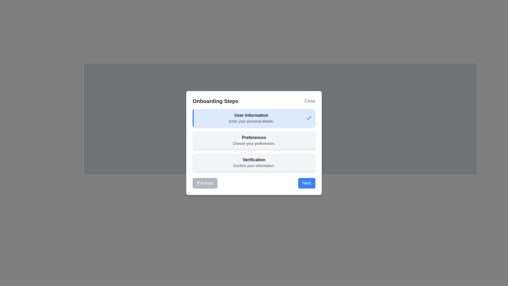 This screenshot has width=508, height=286. Describe the element at coordinates (309, 117) in the screenshot. I see `the completion icon that indicates the activation of the 'User Information' step in the onboarding process, located adjacent to the label 'User Information.'` at that location.